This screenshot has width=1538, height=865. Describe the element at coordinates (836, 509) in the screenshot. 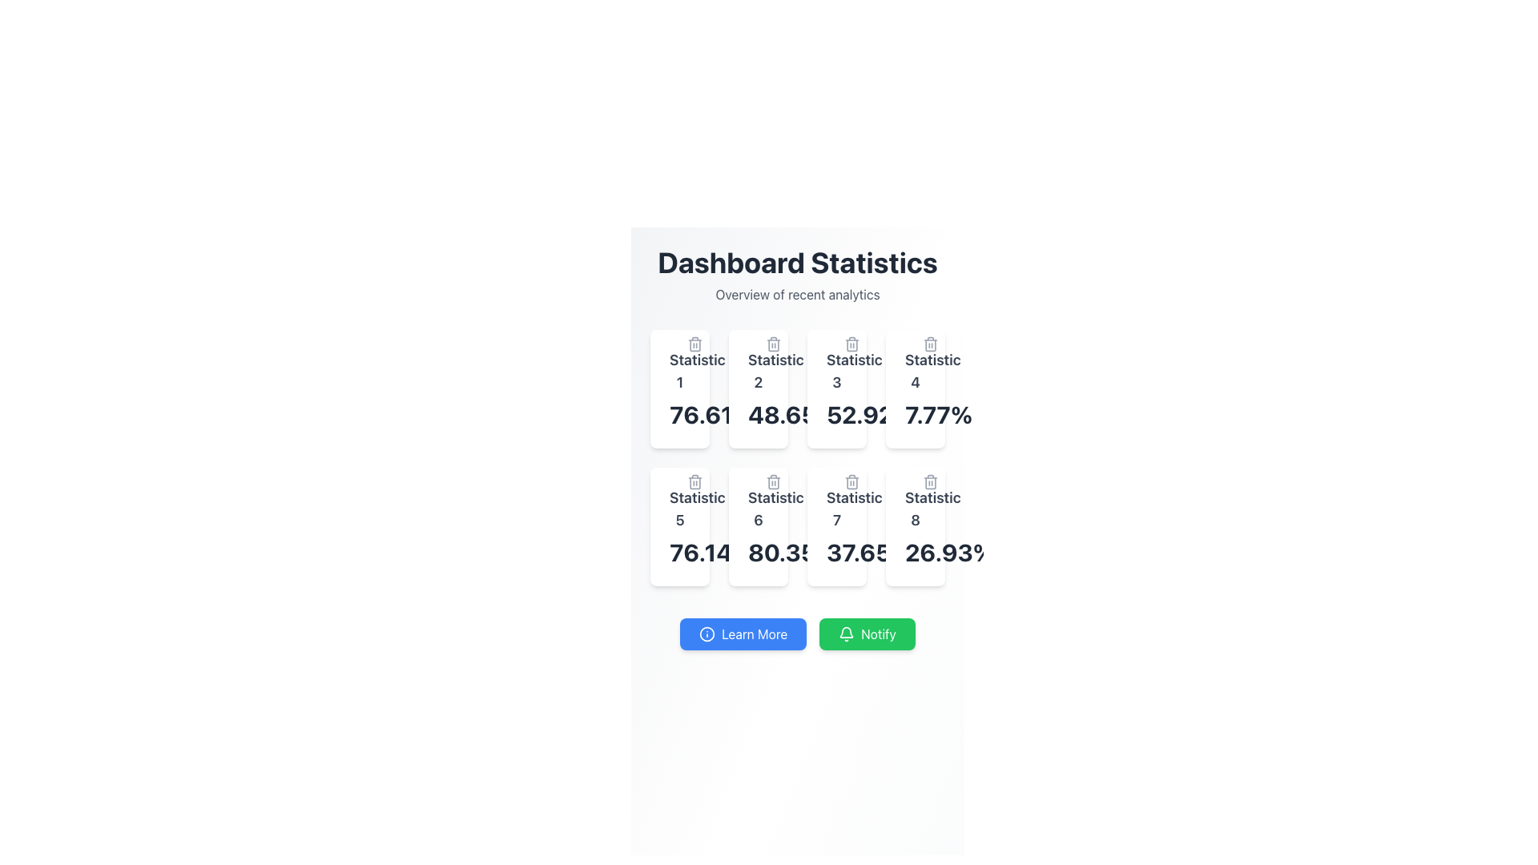

I see `the static text label displaying 'Statistic 7' in a bold font style, located at the top of a white card with rounded corners and shadow effect, situated in the second row, third column of a grid layout` at that location.